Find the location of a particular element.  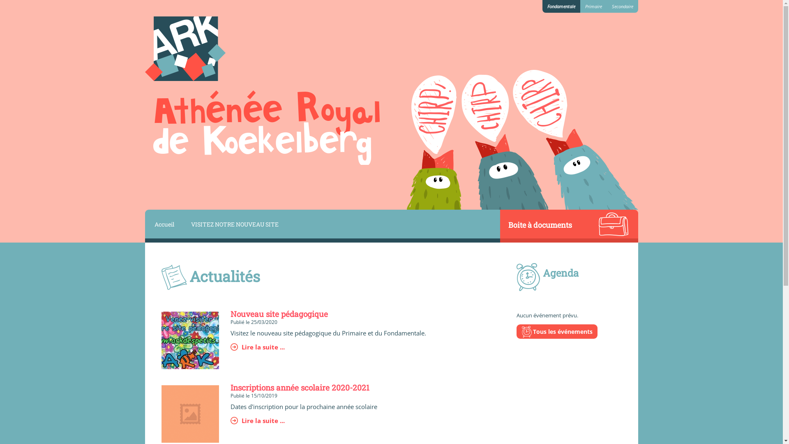

'Fondamentale' is located at coordinates (561, 6).